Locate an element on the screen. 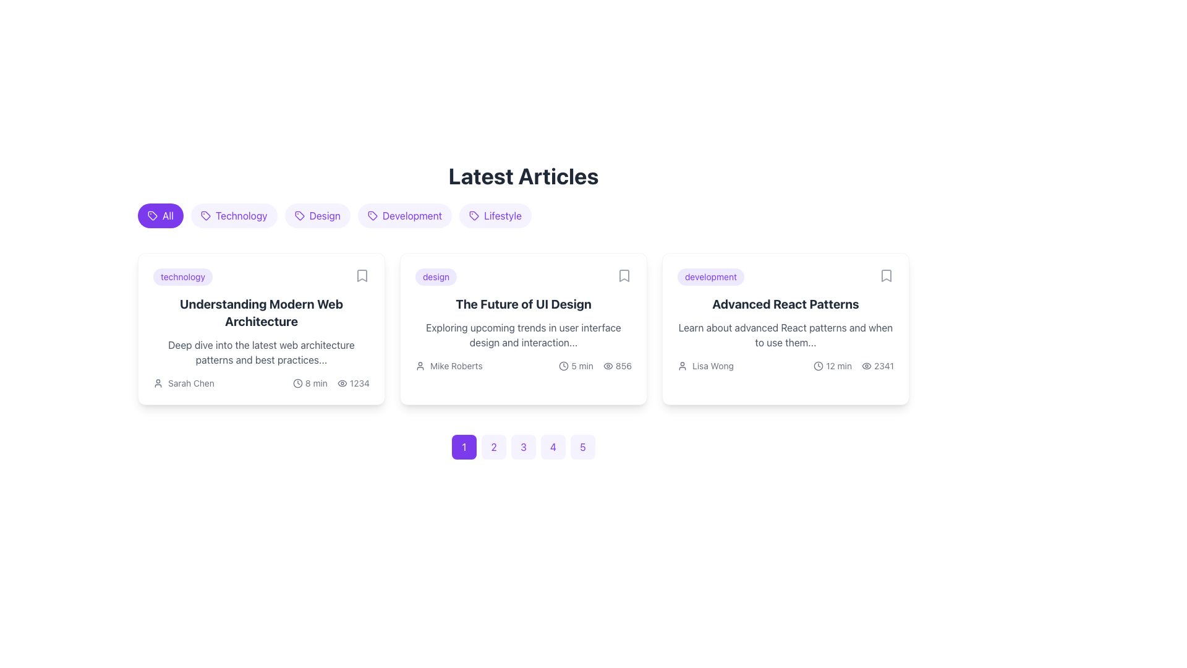 Image resolution: width=1187 pixels, height=668 pixels. the SVG circle component of the clock icon located at the bottom-right corner of the 'Advanced React Patterns' card is located at coordinates (819, 365).